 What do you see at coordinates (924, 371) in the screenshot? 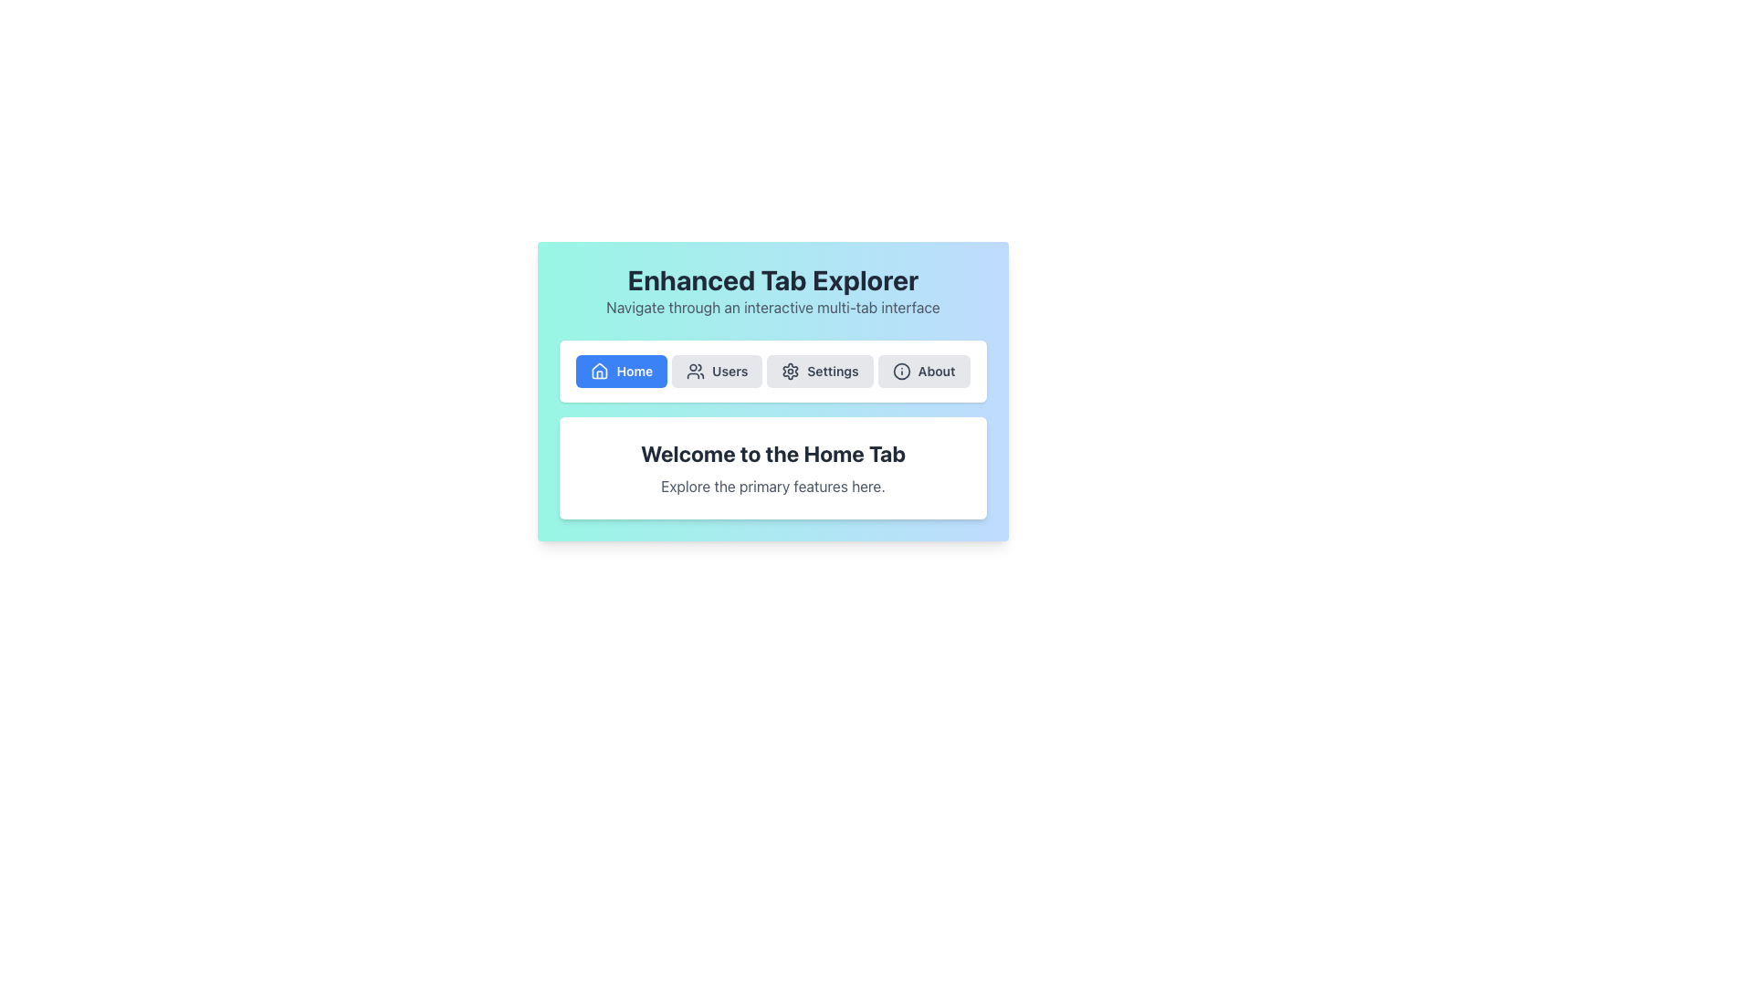
I see `the 'About' button` at bounding box center [924, 371].